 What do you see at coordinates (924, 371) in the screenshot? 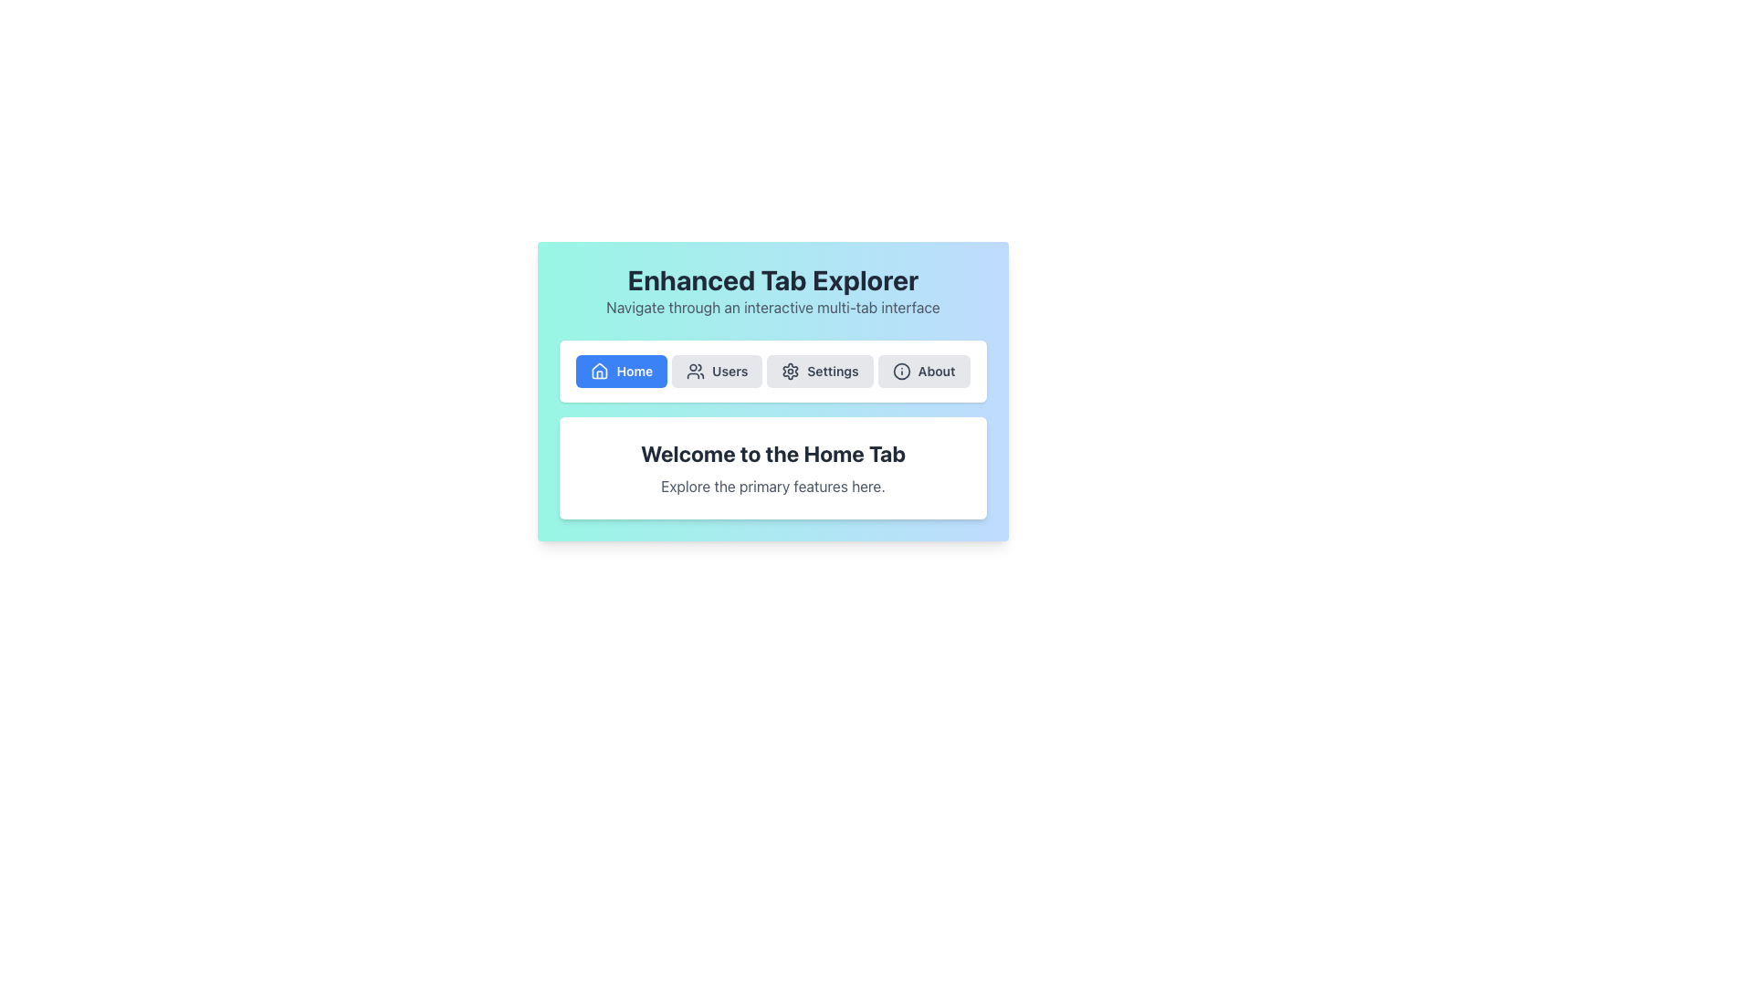
I see `the 'About' button` at bounding box center [924, 371].